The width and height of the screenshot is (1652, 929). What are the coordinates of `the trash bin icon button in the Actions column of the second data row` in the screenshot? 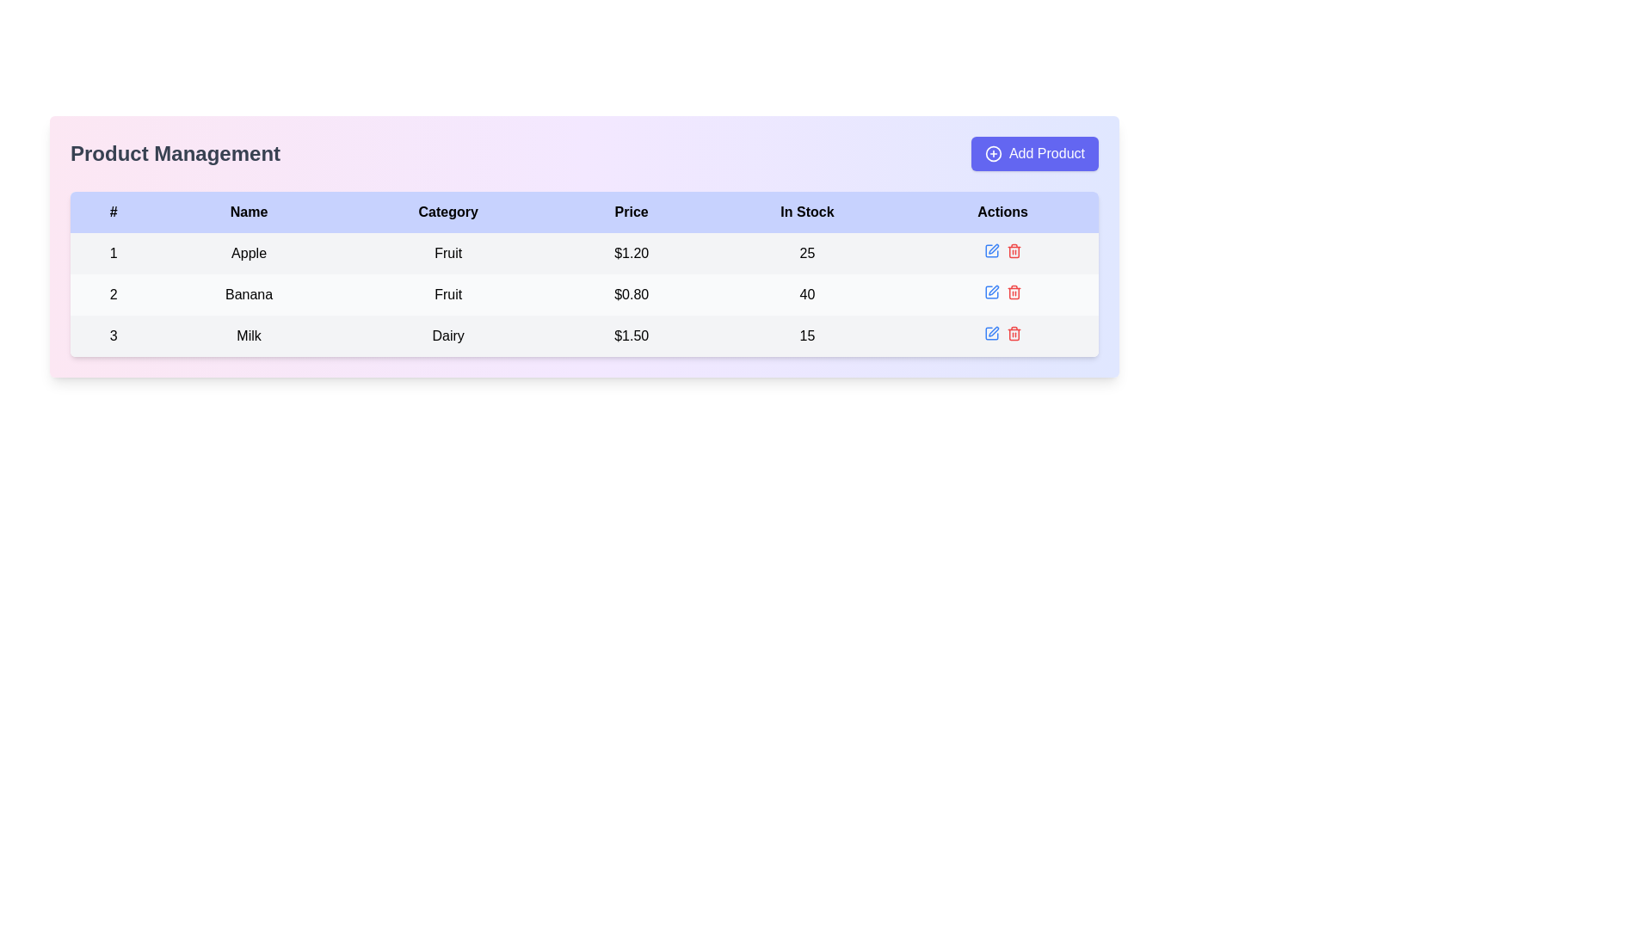 It's located at (1014, 291).